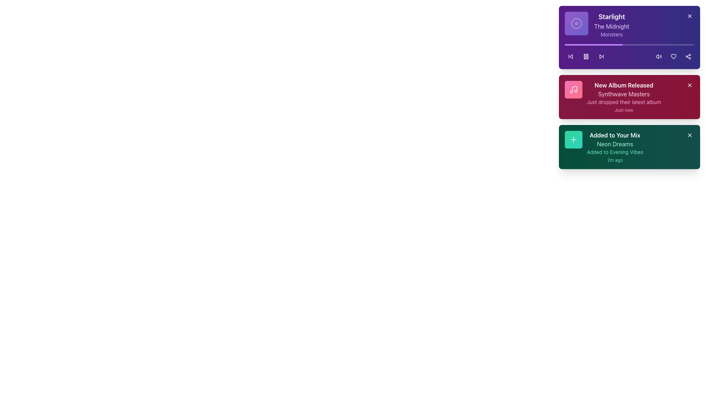  What do you see at coordinates (611, 17) in the screenshot?
I see `the title Text label of the notification located at the top-left corner of the notification with a purple background` at bounding box center [611, 17].